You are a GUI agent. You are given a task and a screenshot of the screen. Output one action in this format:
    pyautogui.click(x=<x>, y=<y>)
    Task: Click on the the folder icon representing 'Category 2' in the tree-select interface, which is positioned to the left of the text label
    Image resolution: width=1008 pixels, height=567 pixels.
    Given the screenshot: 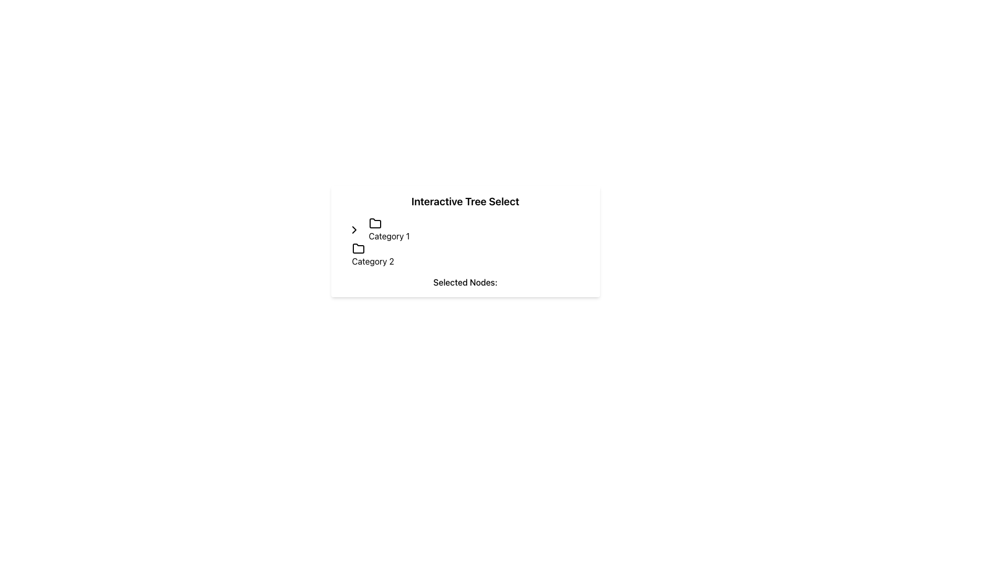 What is the action you would take?
    pyautogui.click(x=358, y=249)
    